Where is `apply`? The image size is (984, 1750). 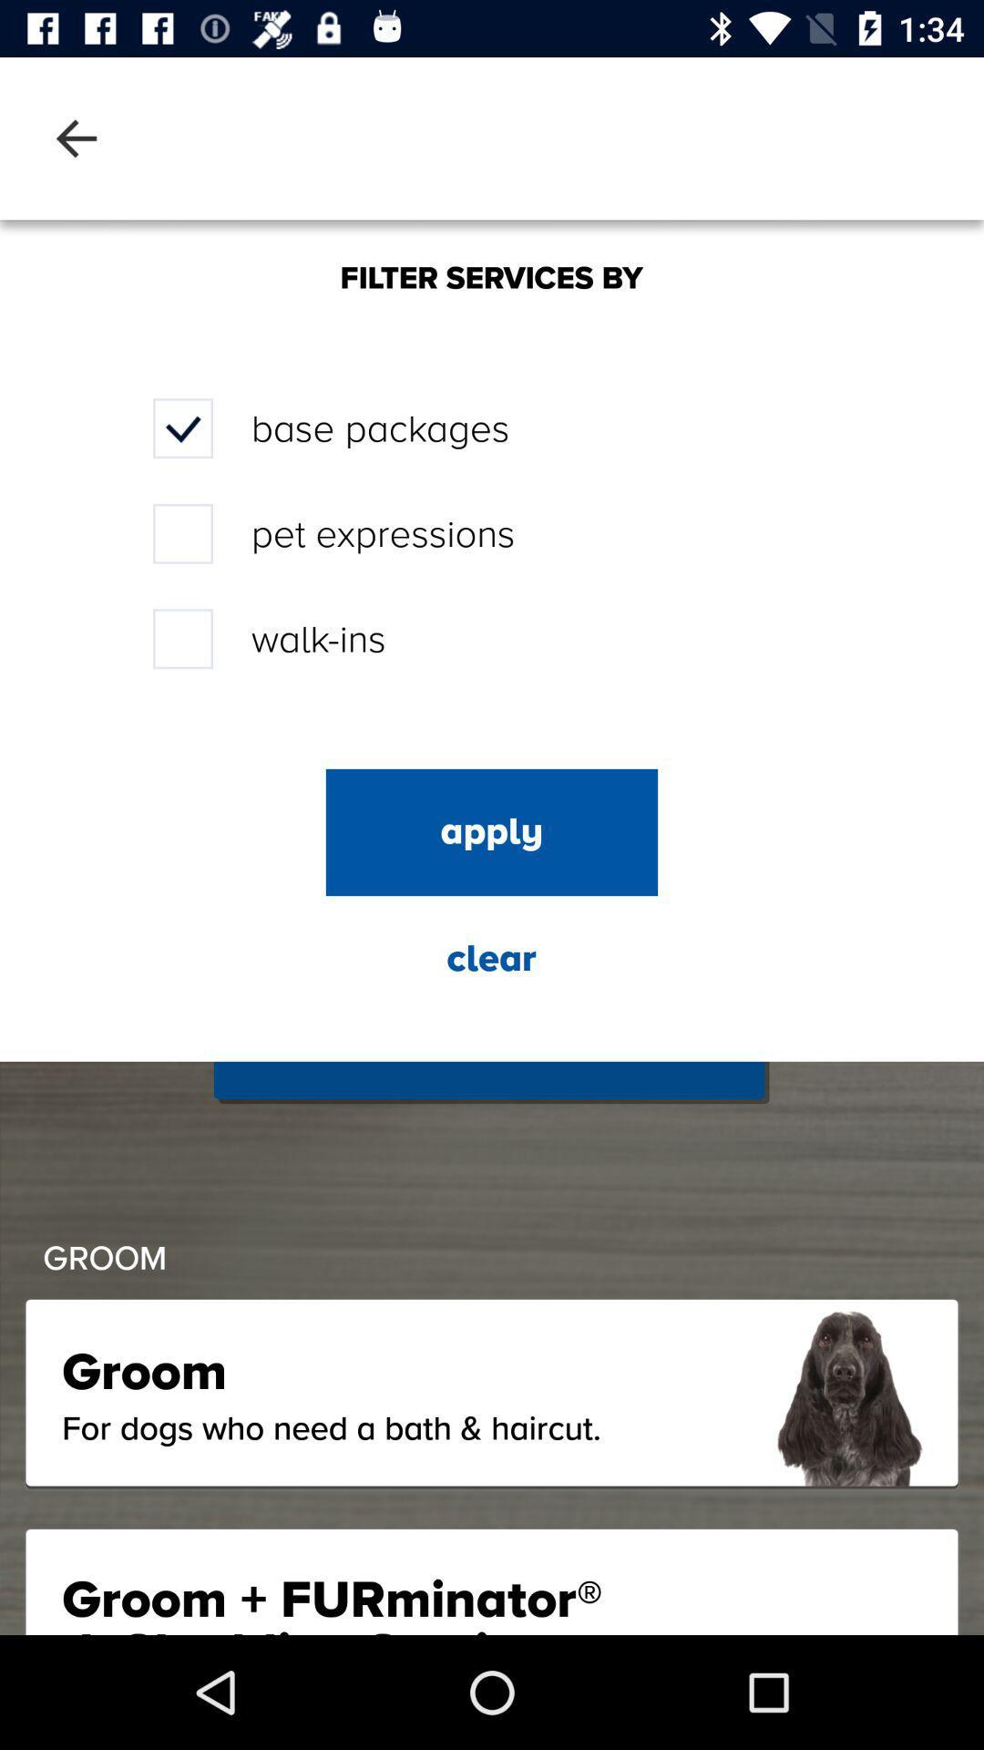 apply is located at coordinates (492, 831).